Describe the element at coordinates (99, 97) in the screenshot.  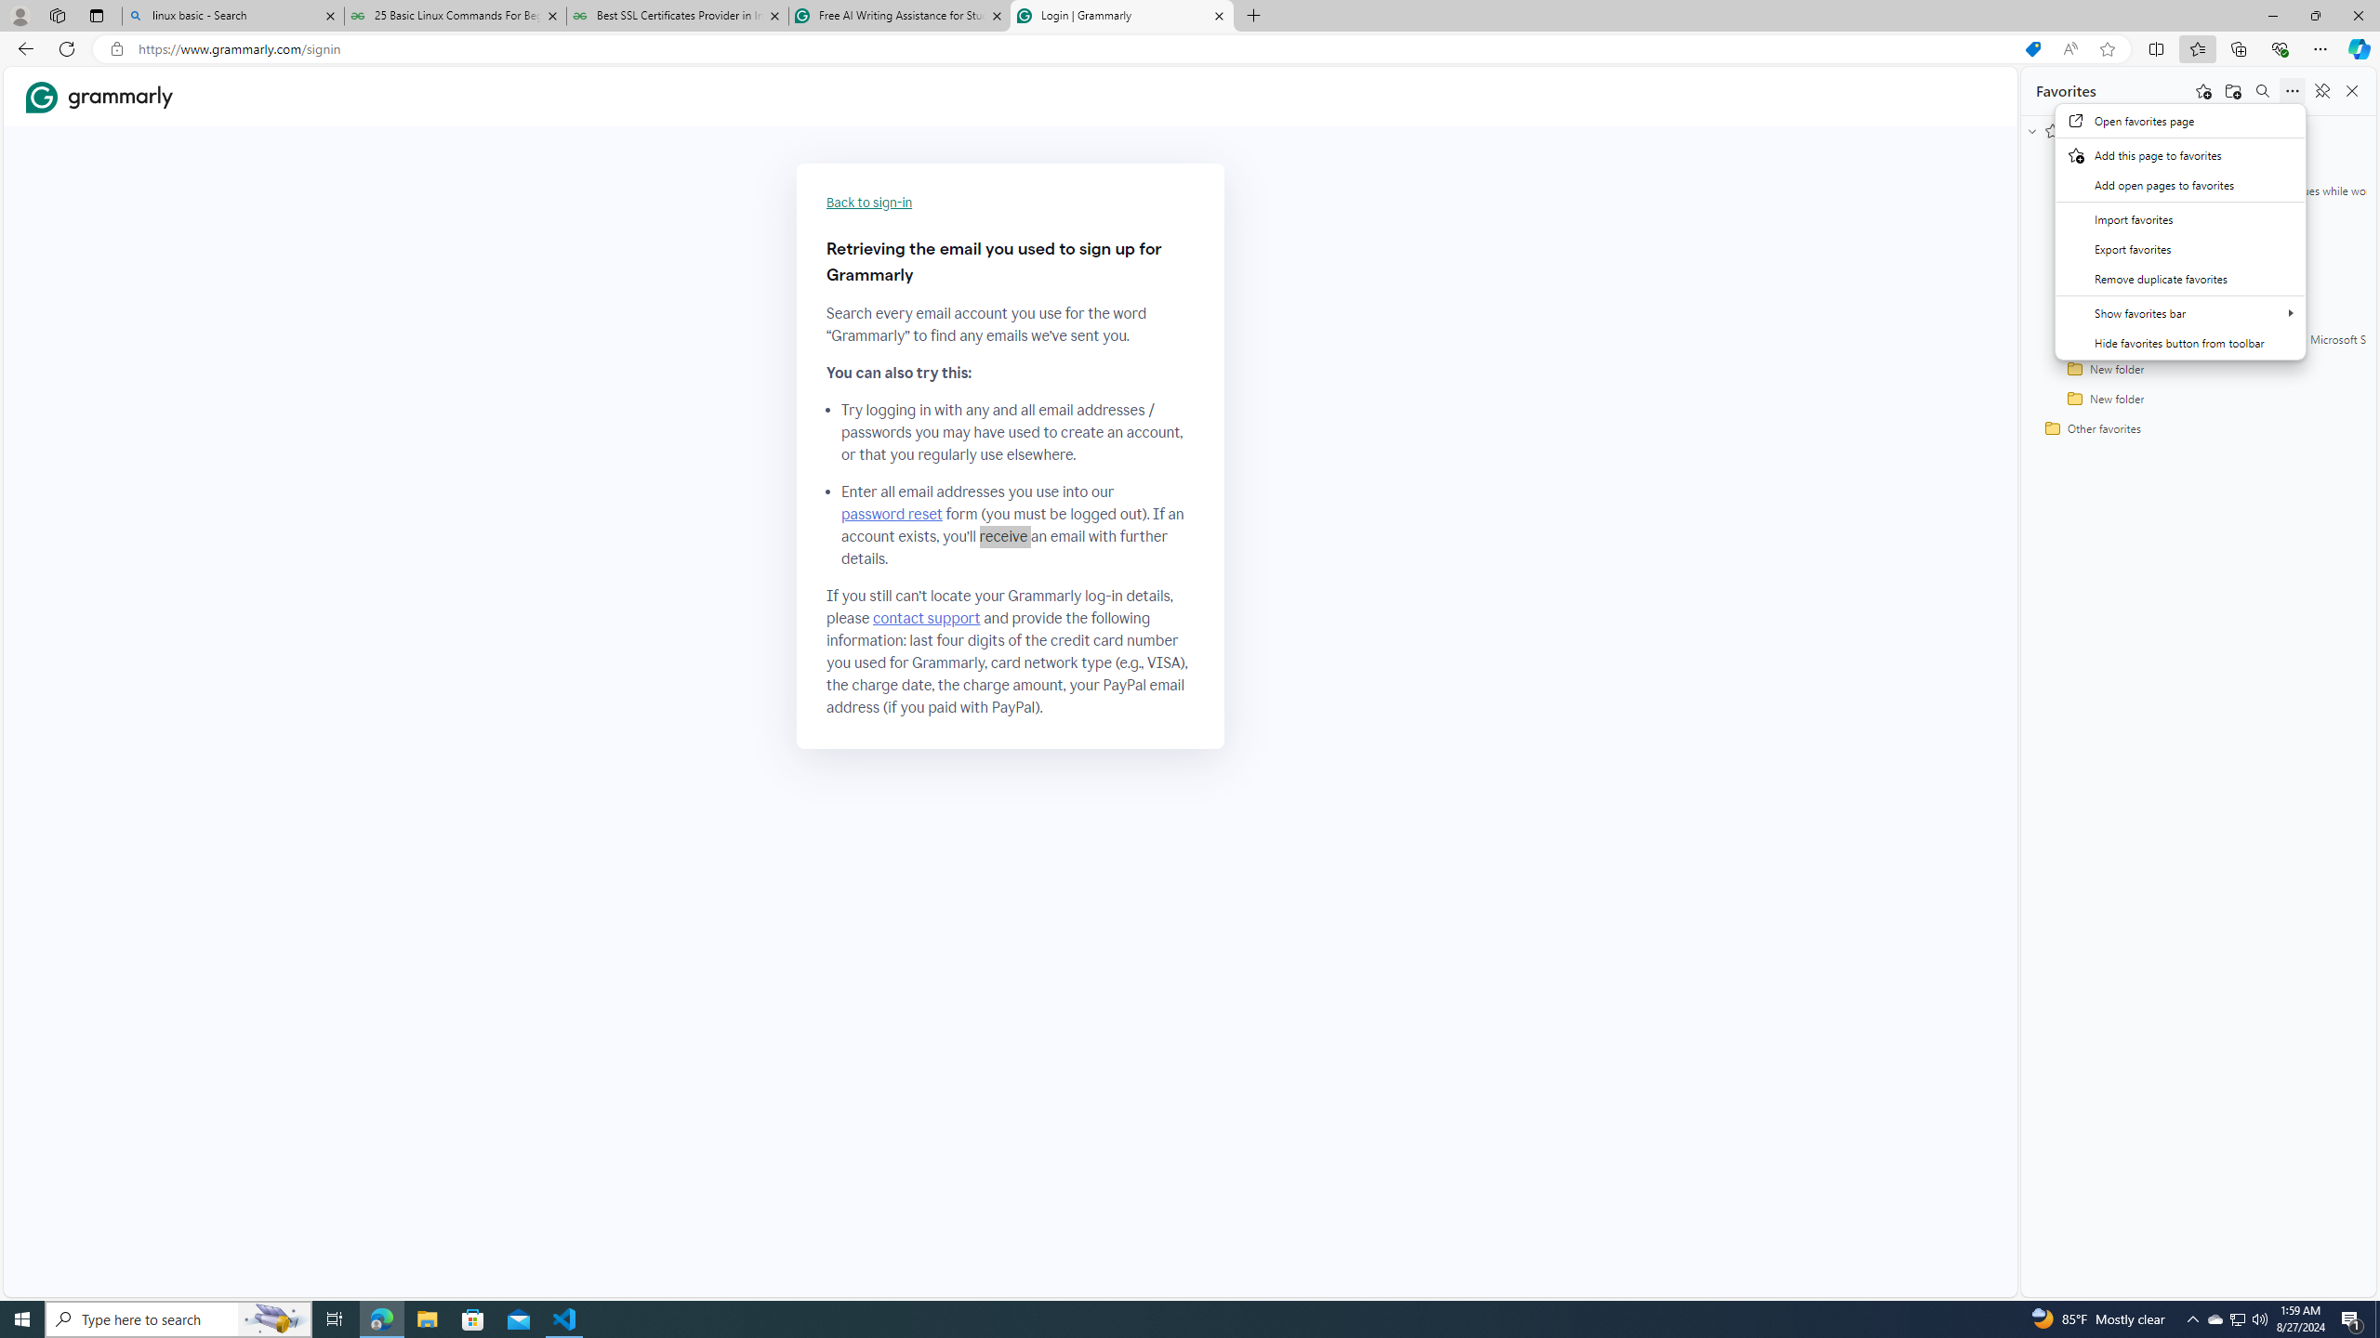
I see `'Grammarly Home'` at that location.